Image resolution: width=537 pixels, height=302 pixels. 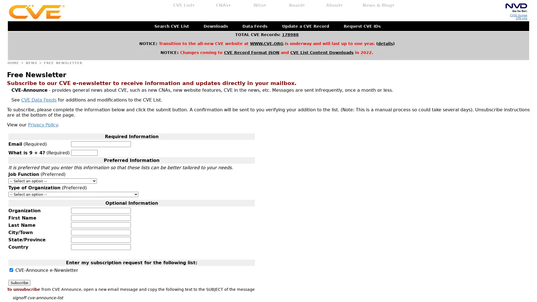 I want to click on Subscribe, so click(x=19, y=282).